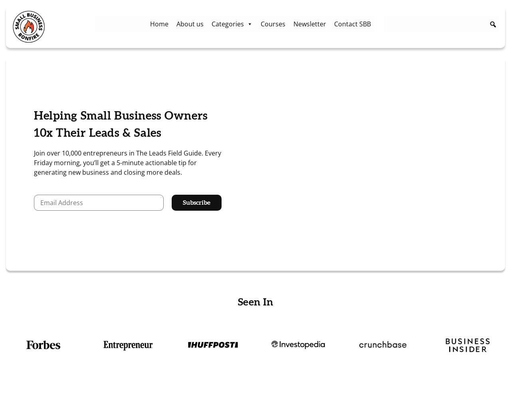 The height and width of the screenshot is (413, 511). Describe the element at coordinates (223, 43) in the screenshot. I see `'Startup'` at that location.